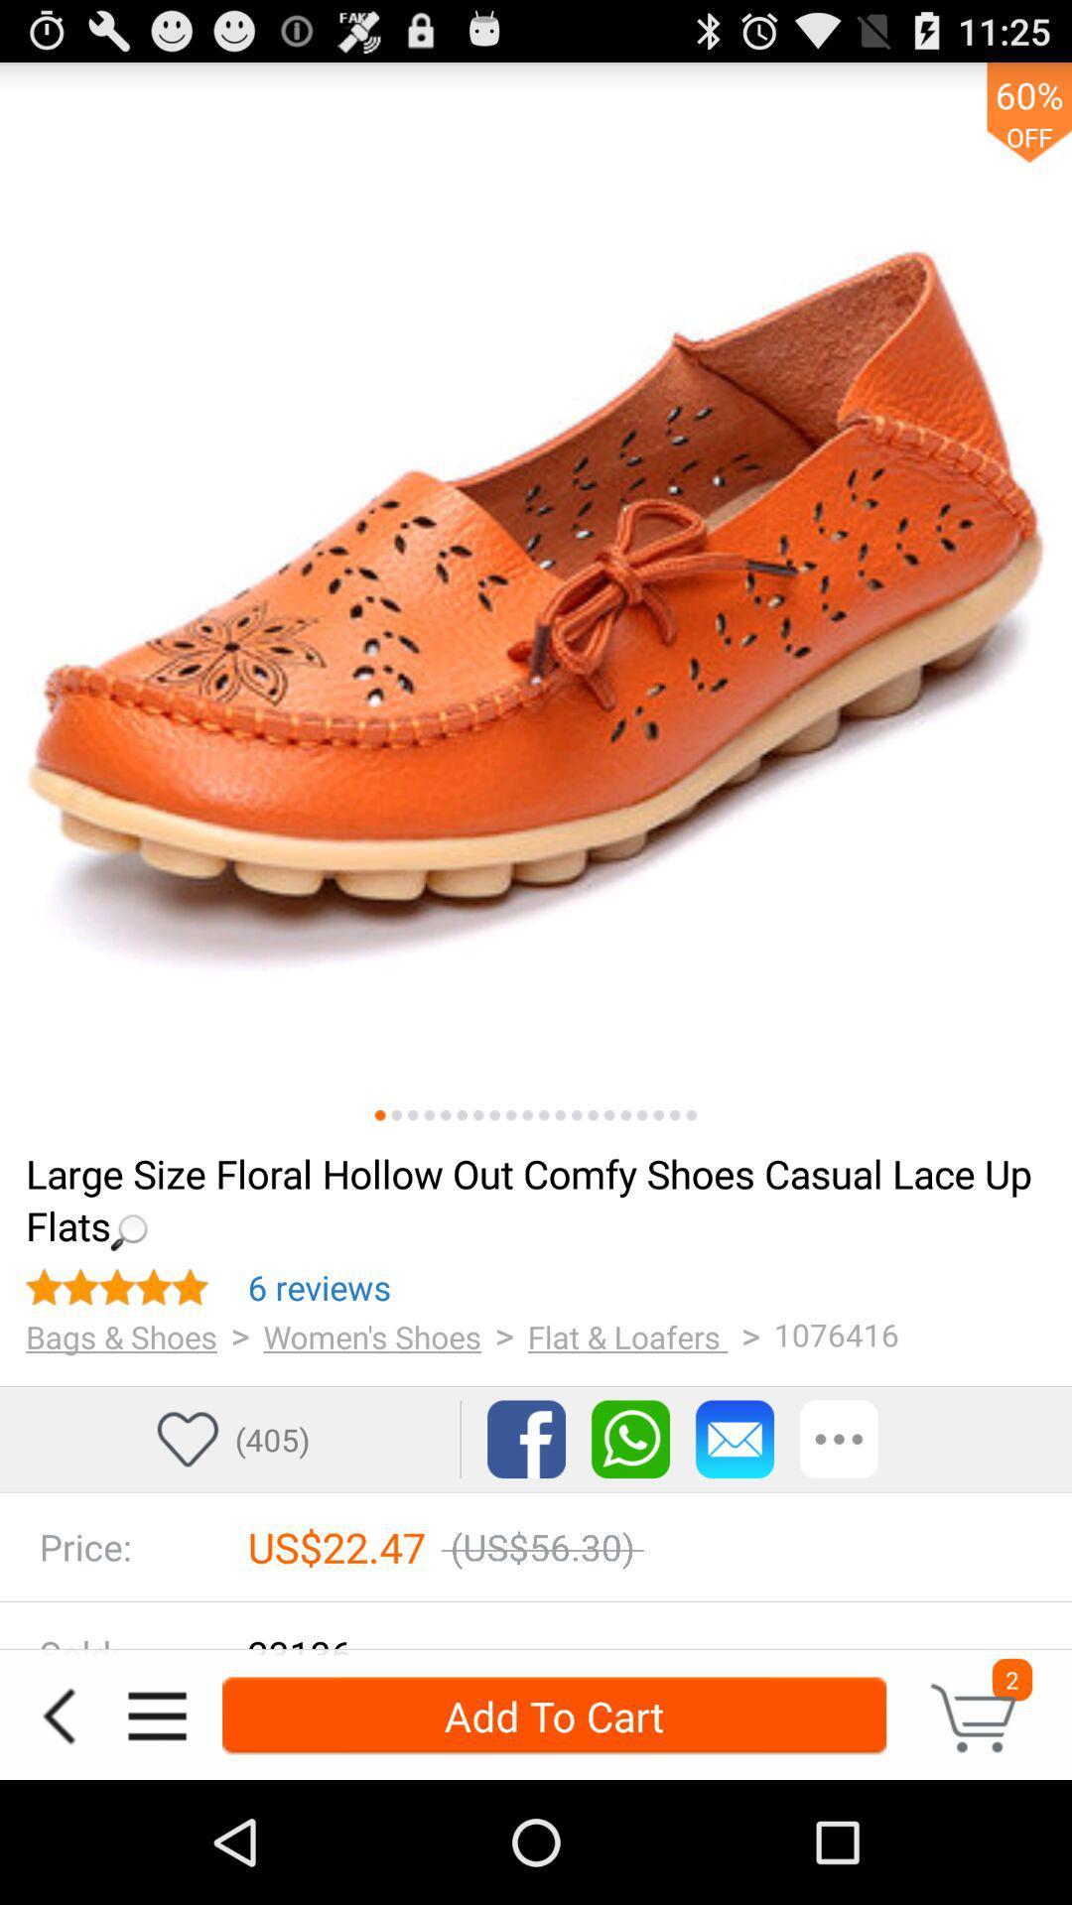 The image size is (1072, 1905). Describe the element at coordinates (674, 1115) in the screenshot. I see `next image` at that location.